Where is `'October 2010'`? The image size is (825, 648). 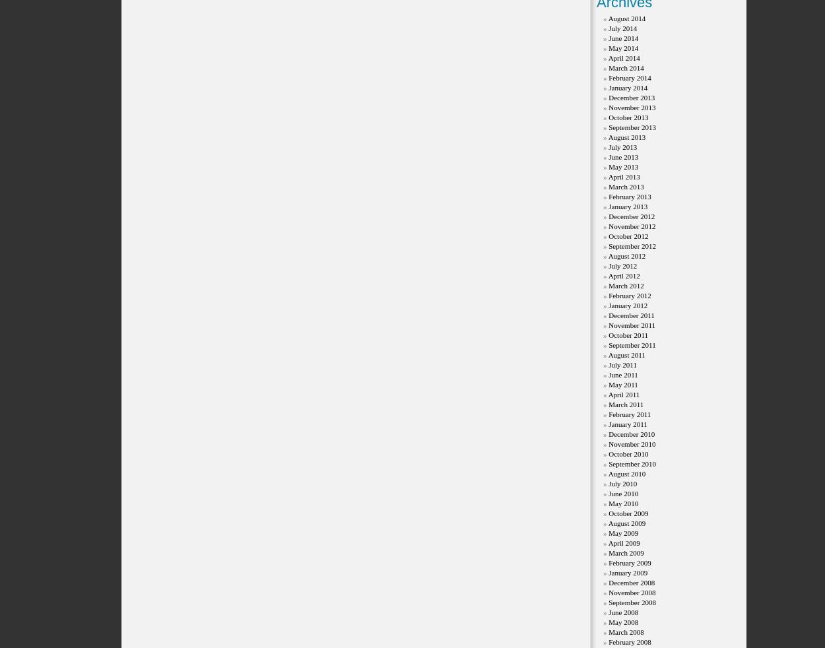
'October 2010' is located at coordinates (628, 453).